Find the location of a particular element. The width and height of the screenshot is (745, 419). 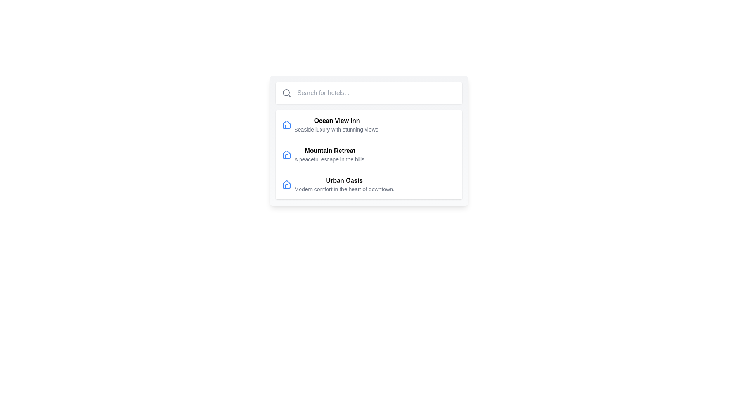

the search icon located on the left side of the search input field labeled 'Search for hotels...' is located at coordinates (286, 92).